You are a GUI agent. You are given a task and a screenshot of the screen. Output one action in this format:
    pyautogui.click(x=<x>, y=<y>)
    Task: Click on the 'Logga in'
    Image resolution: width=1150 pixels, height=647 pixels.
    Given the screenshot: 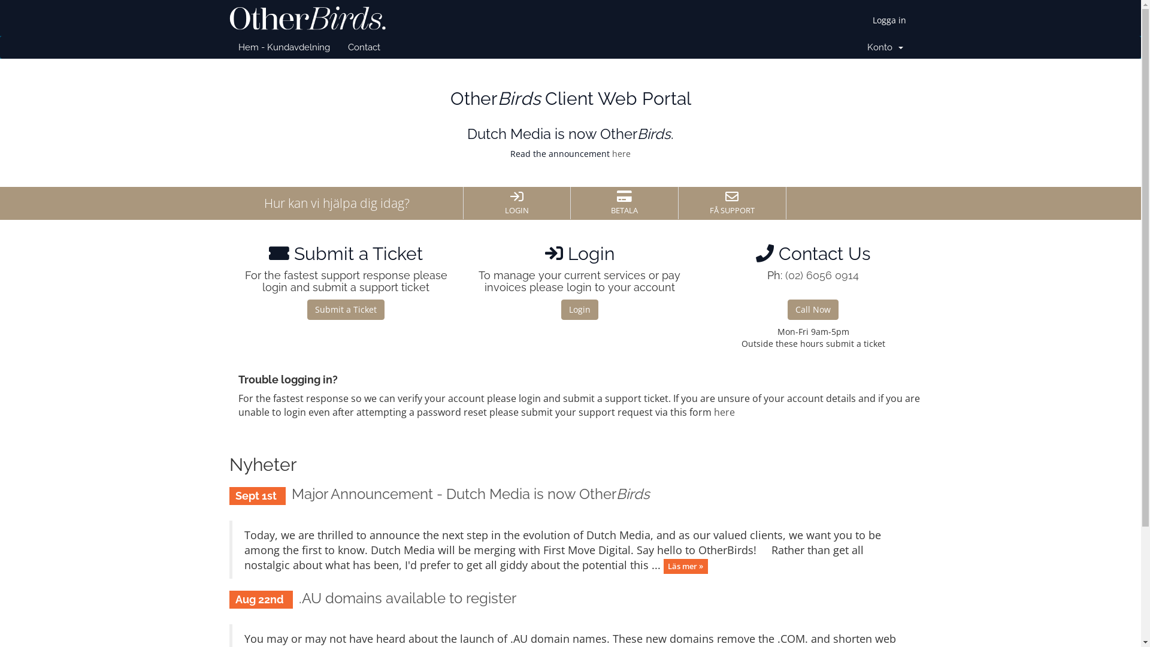 What is the action you would take?
    pyautogui.click(x=888, y=20)
    